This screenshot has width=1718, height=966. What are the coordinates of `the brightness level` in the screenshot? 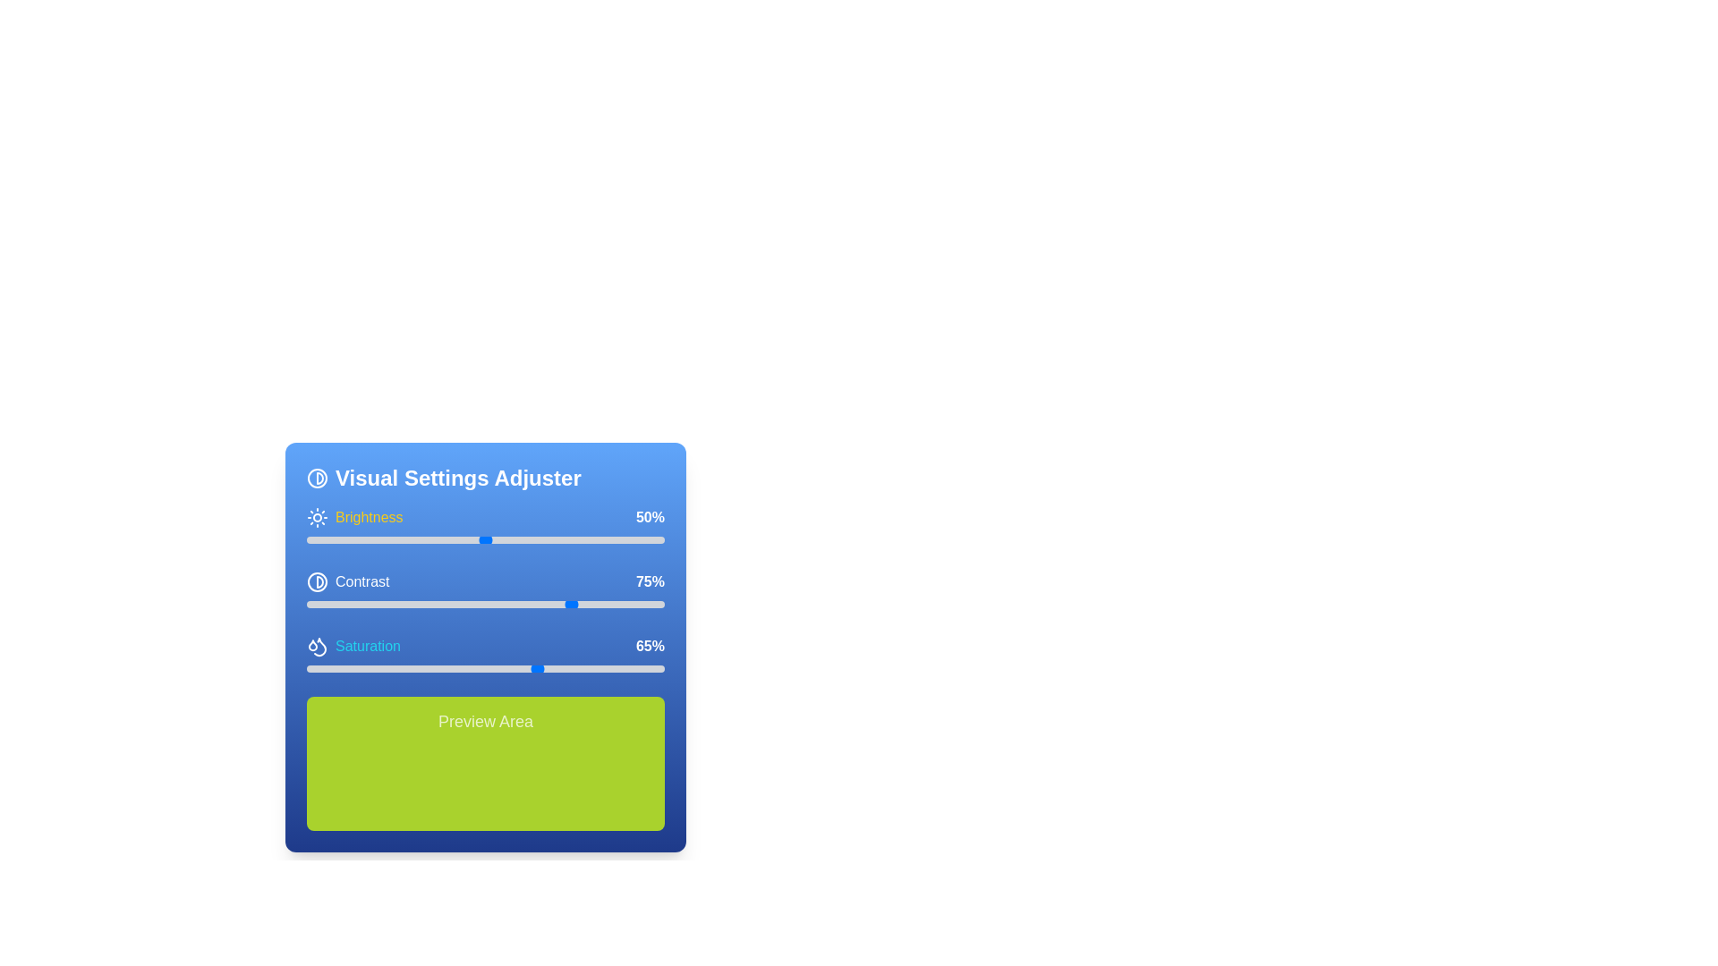 It's located at (545, 539).